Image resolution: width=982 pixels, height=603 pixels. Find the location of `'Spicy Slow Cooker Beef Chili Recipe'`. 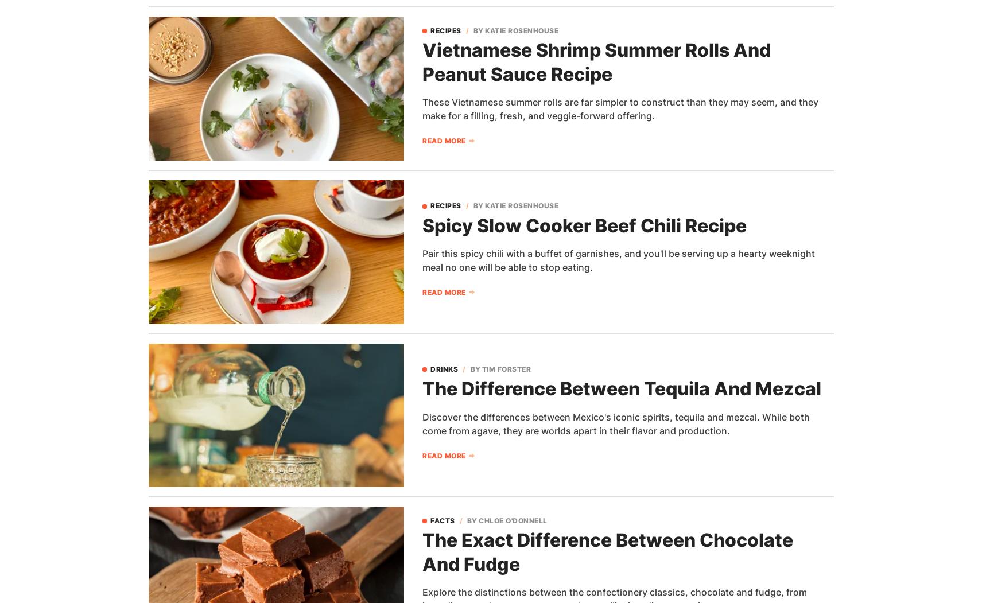

'Spicy Slow Cooker Beef Chili Recipe' is located at coordinates (584, 224).